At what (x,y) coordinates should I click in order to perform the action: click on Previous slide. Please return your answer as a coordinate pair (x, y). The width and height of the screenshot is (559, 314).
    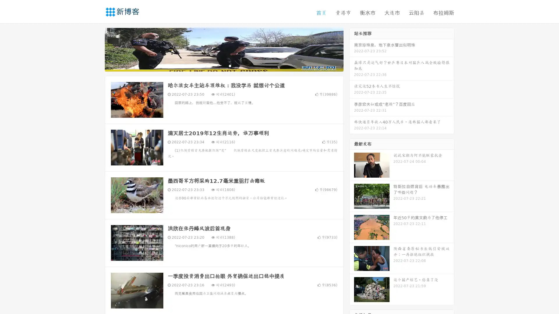
    Looking at the image, I should click on (96, 49).